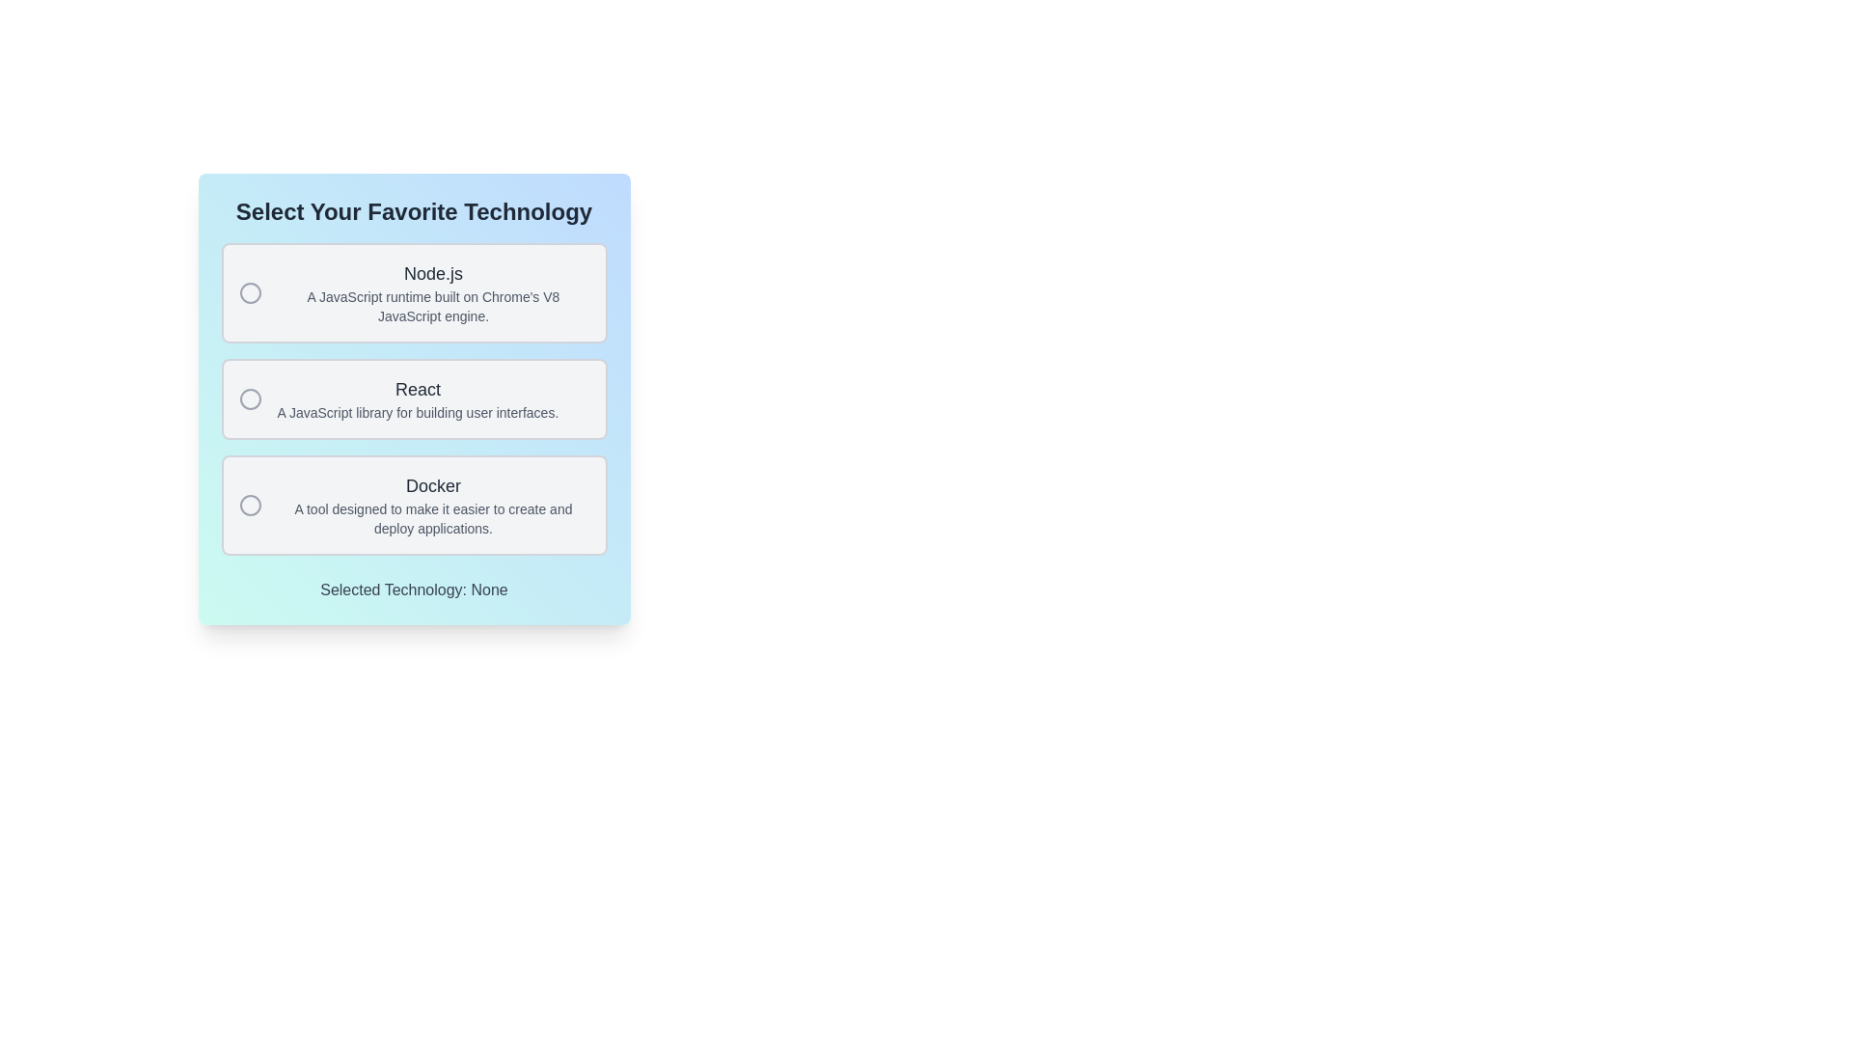  What do you see at coordinates (432, 274) in the screenshot?
I see `the text label that reads 'Node.js', which is styled with a bold font and gray color, located near the top-left of the selection box interface` at bounding box center [432, 274].